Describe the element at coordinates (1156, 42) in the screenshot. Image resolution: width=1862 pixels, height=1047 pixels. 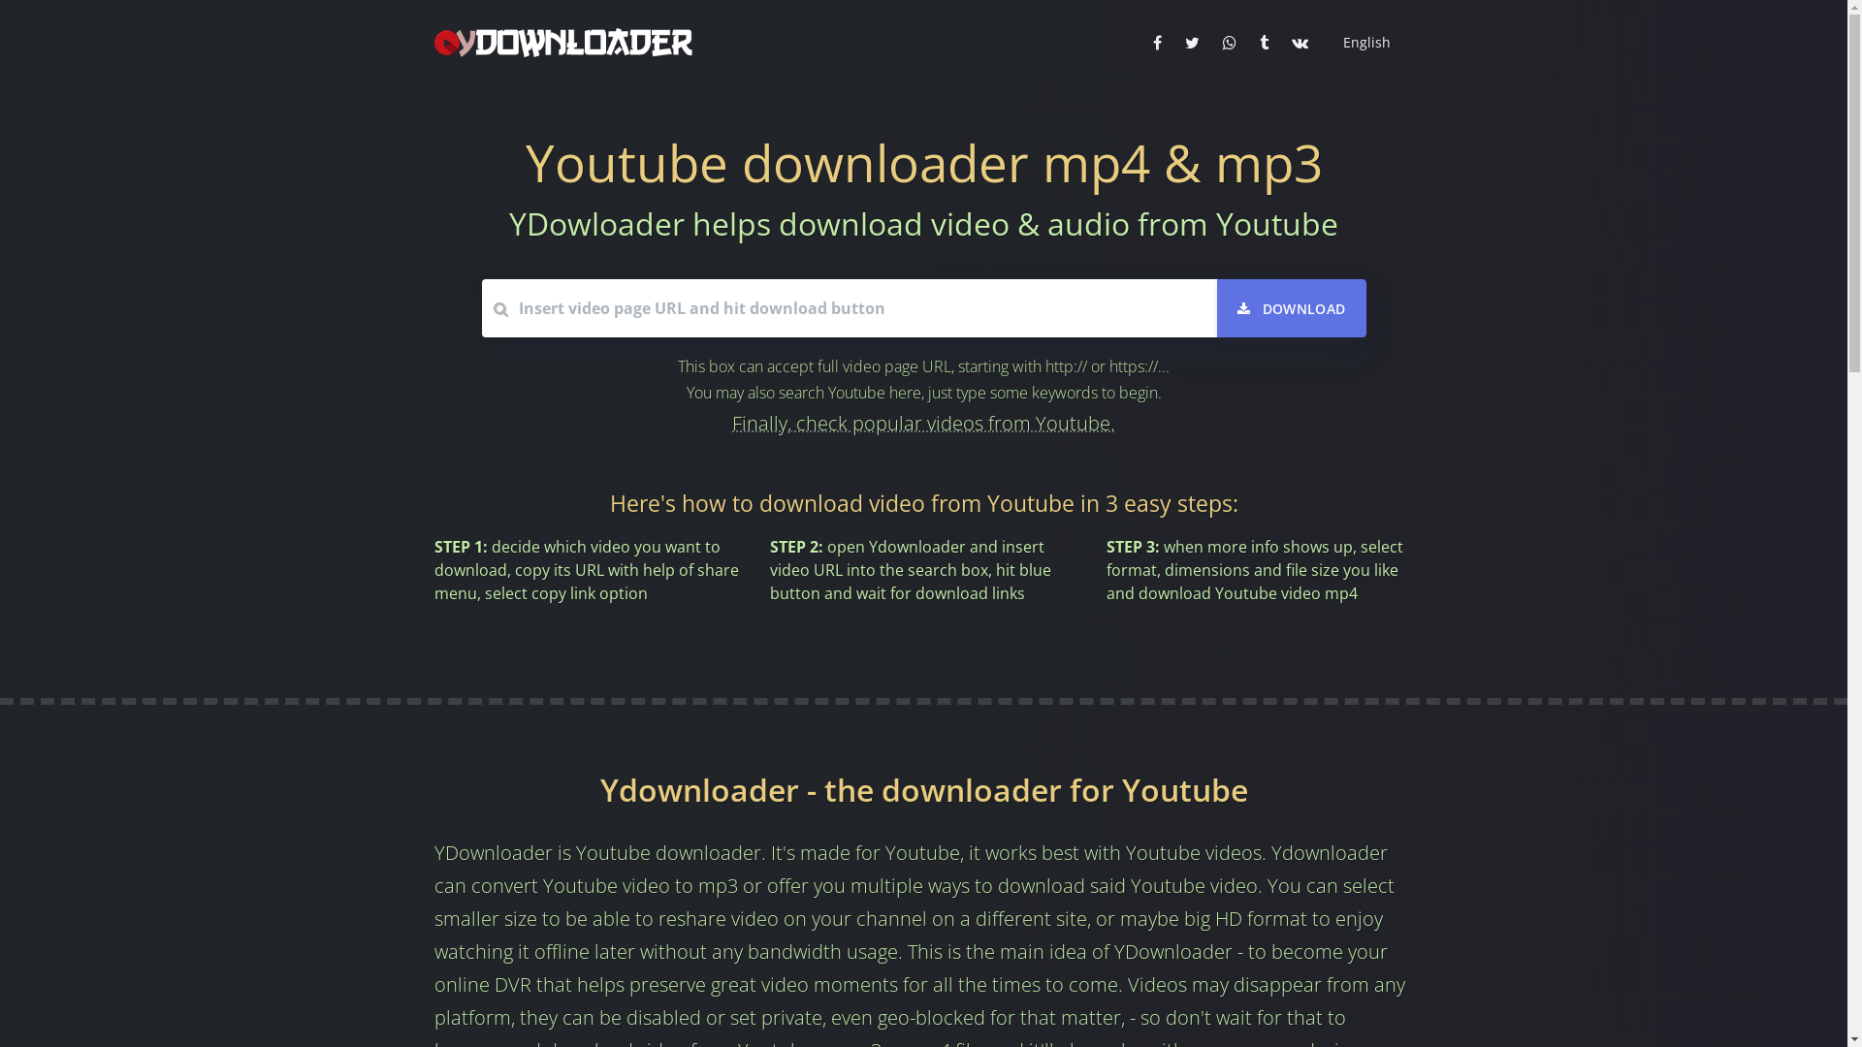
I see `'Share on Facebook'` at that location.